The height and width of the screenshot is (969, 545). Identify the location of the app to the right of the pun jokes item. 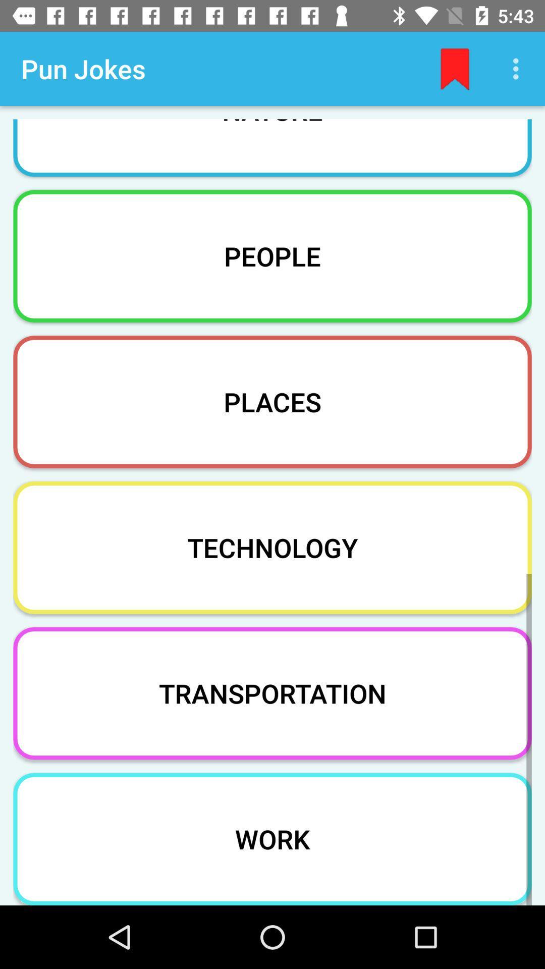
(455, 68).